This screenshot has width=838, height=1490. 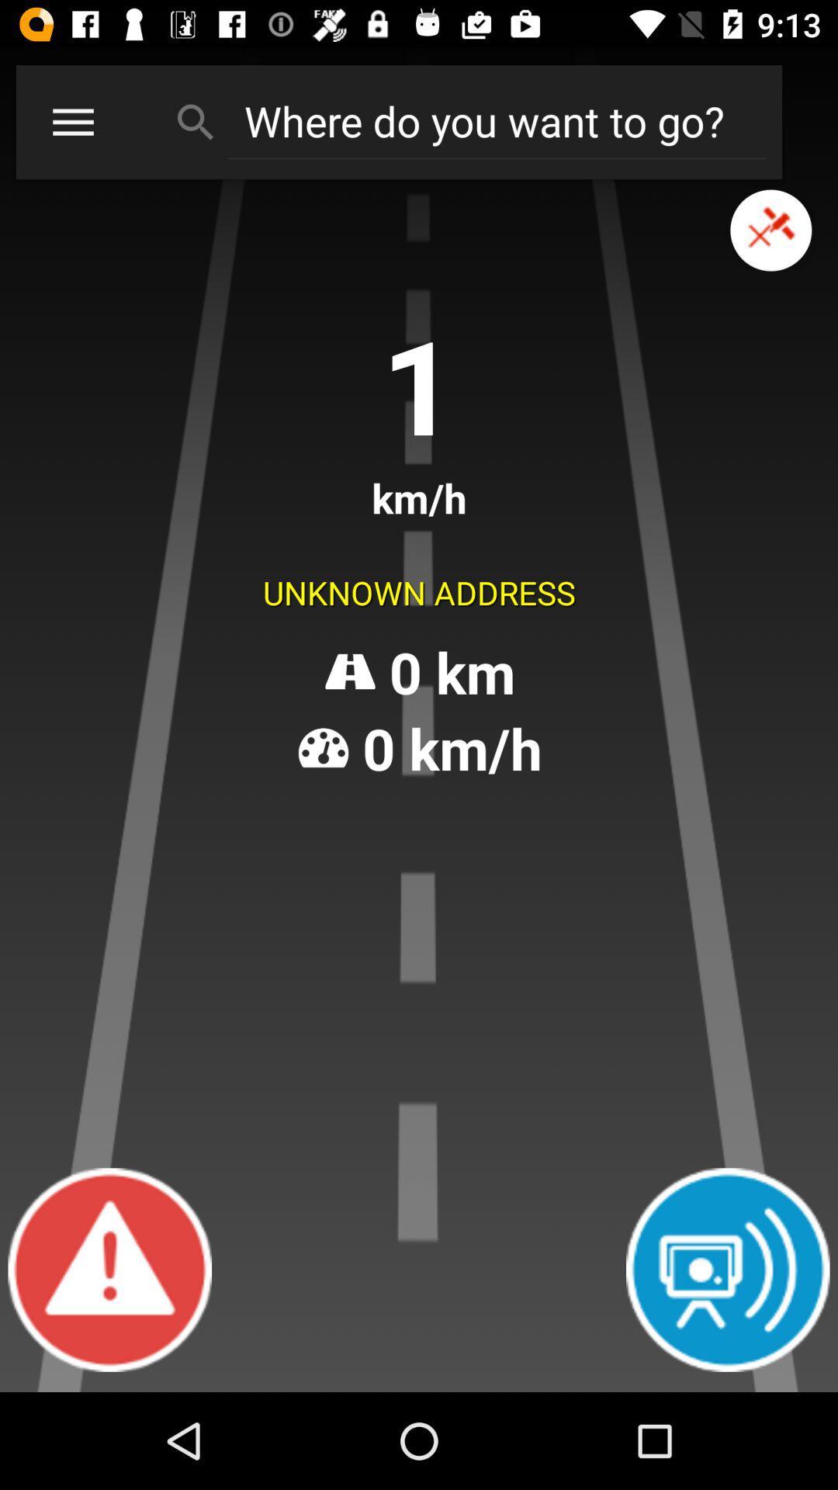 I want to click on search bar, so click(x=497, y=120).